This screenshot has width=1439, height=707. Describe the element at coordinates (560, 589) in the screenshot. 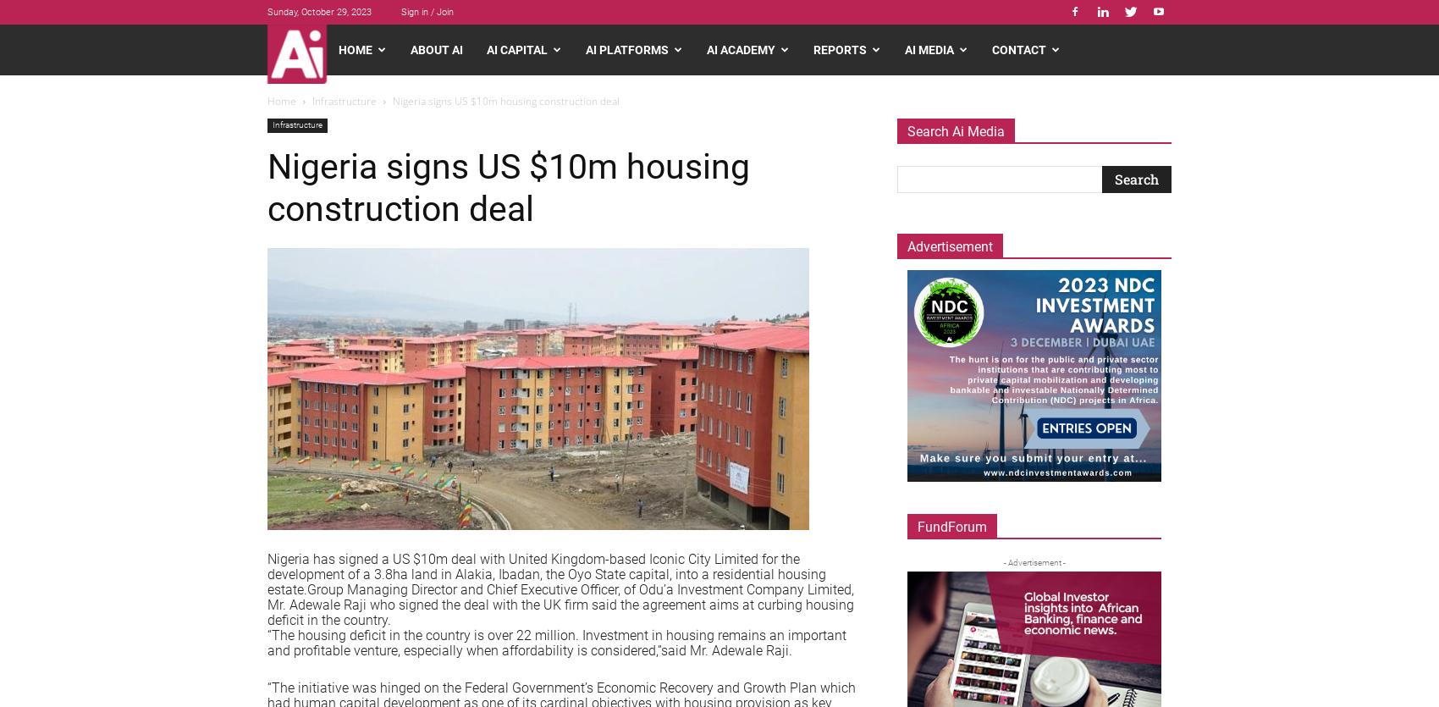

I see `'Nigeria has signed a US $10m deal with United Kingdom-based Iconic City Limited for the development of a 3.8ha land in Alakia, Ibadan, the Oyo State capital, into a residential housing estate.Group Managing Director and Chief Executive Officer, of Odu’a Investment Company Limited, Mr. Adewale Raji who signed the deal with the UK firm said the agreement aims at curbing housing deficit in the country.'` at that location.